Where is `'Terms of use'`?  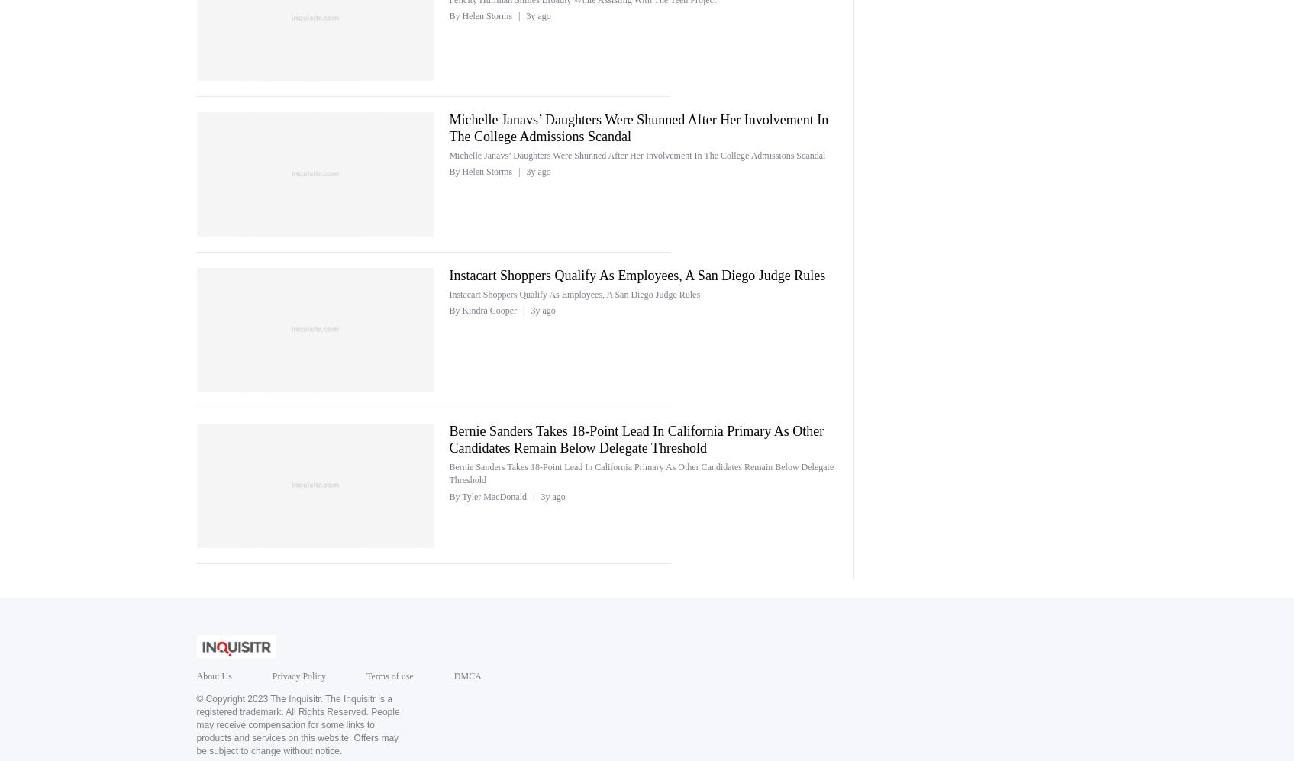 'Terms of use' is located at coordinates (389, 675).